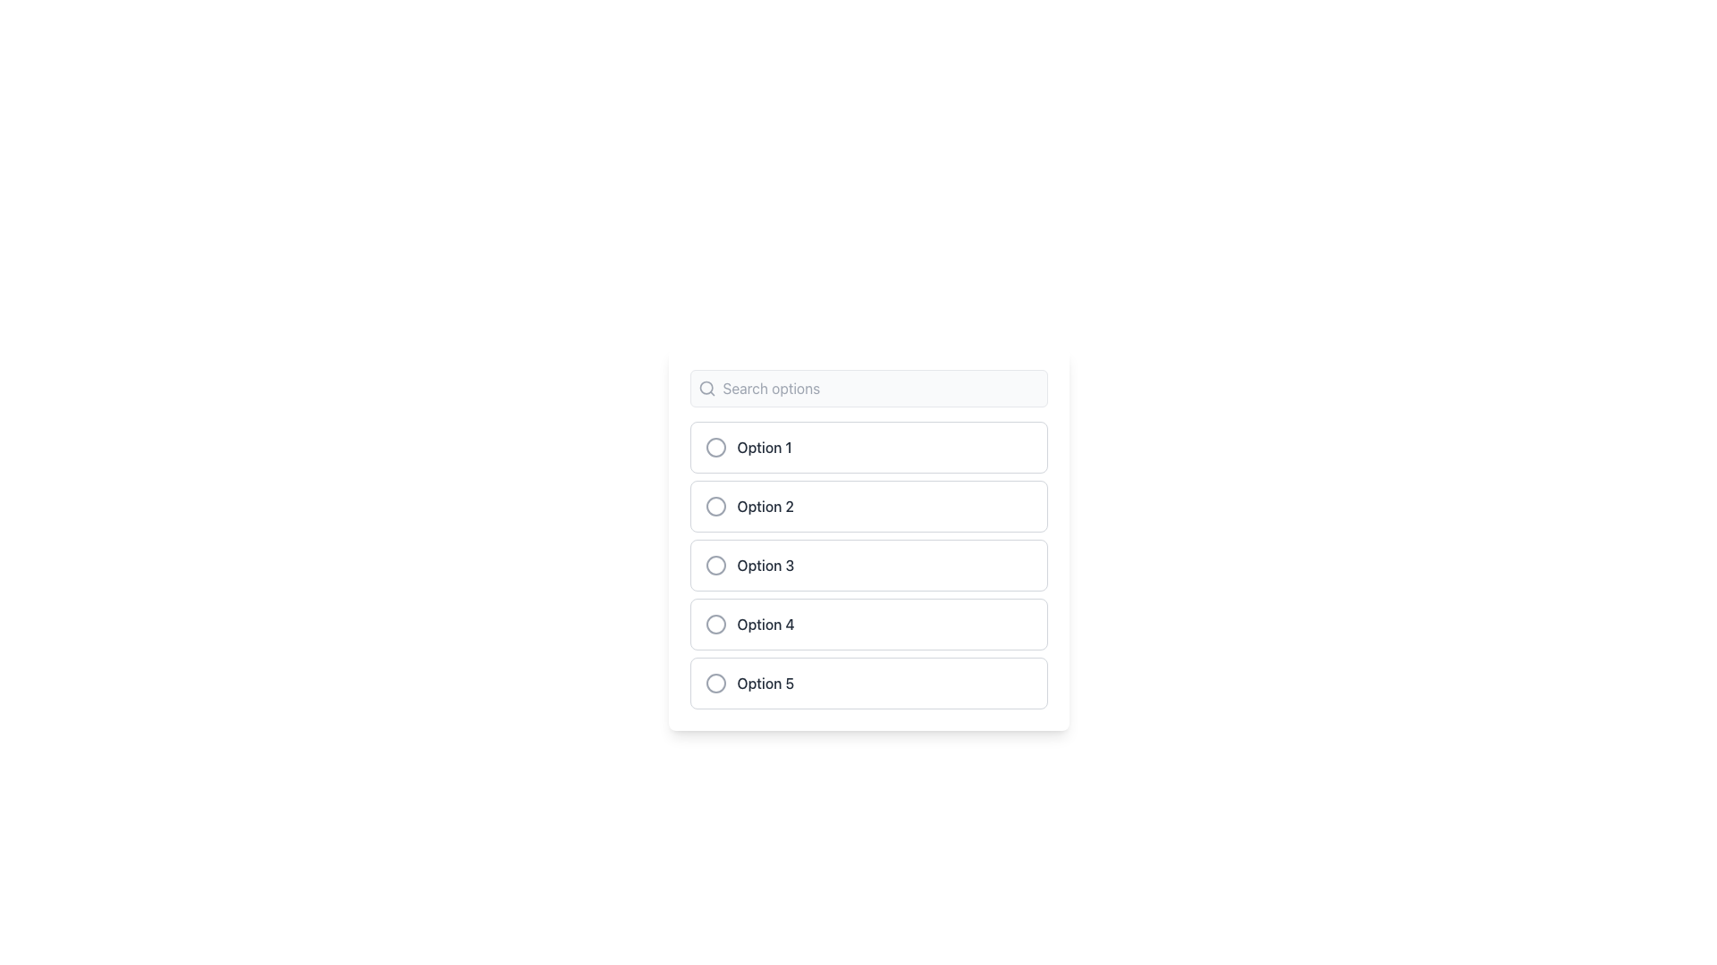 The image size is (1717, 965). Describe the element at coordinates (715, 507) in the screenshot. I see `the radio button for 'Option 2'` at that location.